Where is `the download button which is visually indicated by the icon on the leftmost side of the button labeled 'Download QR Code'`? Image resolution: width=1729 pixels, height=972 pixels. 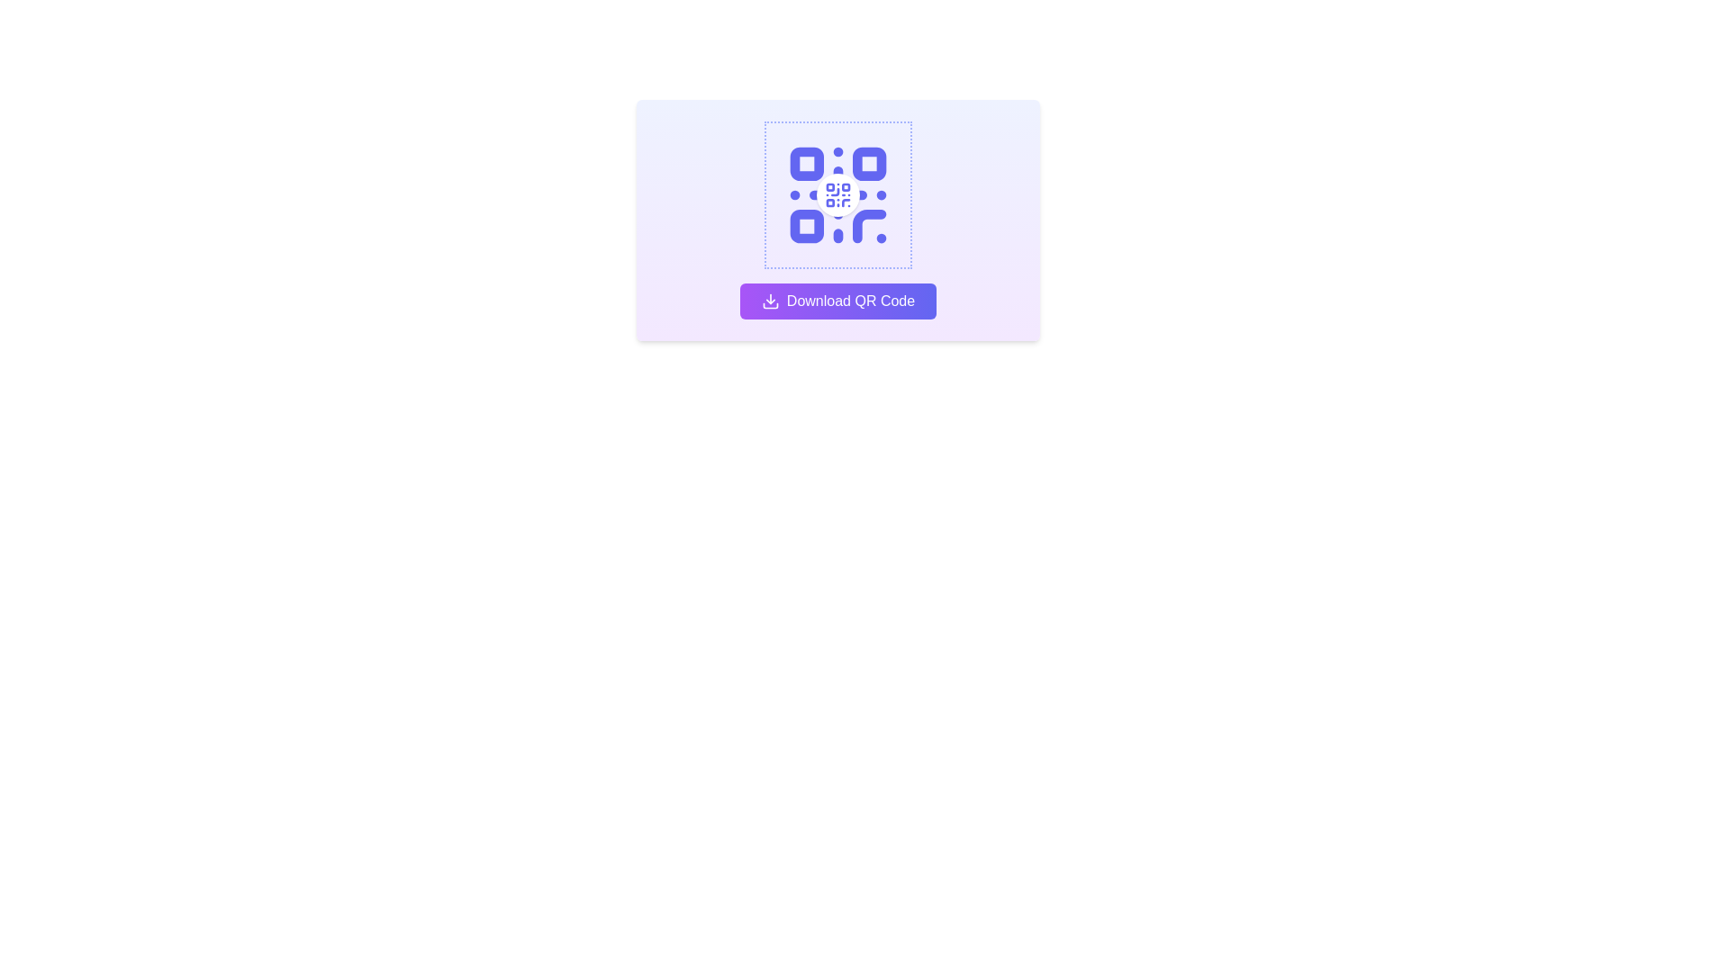 the download button which is visually indicated by the icon on the leftmost side of the button labeled 'Download QR Code' is located at coordinates (770, 301).